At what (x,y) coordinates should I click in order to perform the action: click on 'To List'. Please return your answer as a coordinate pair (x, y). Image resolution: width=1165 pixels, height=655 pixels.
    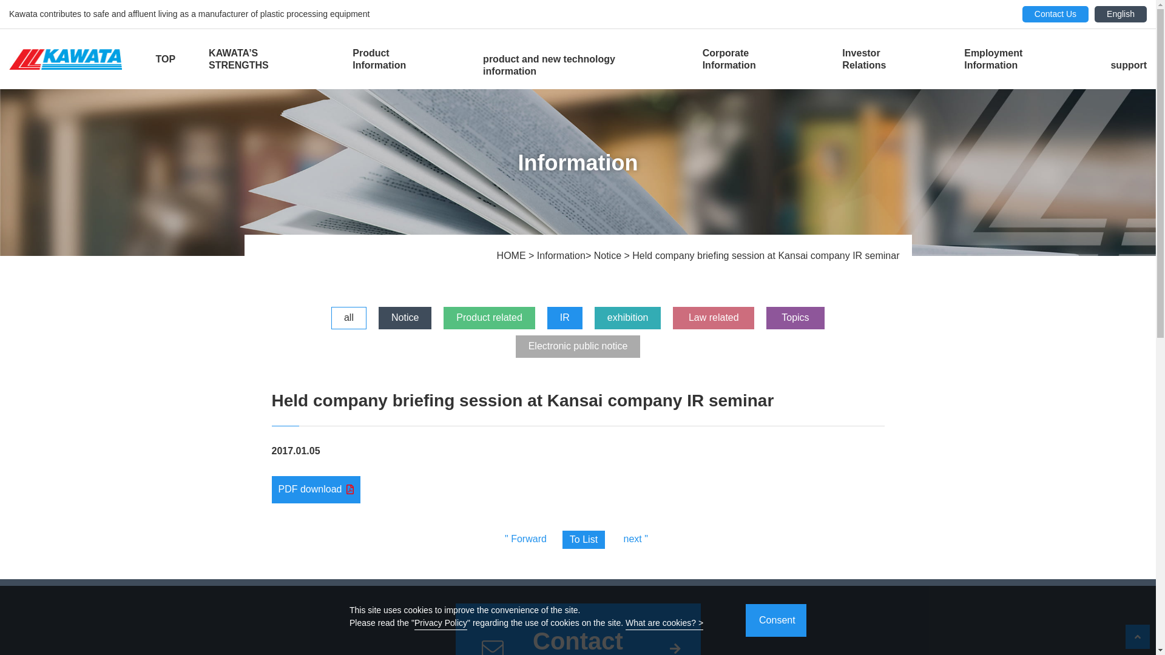
    Looking at the image, I should click on (583, 539).